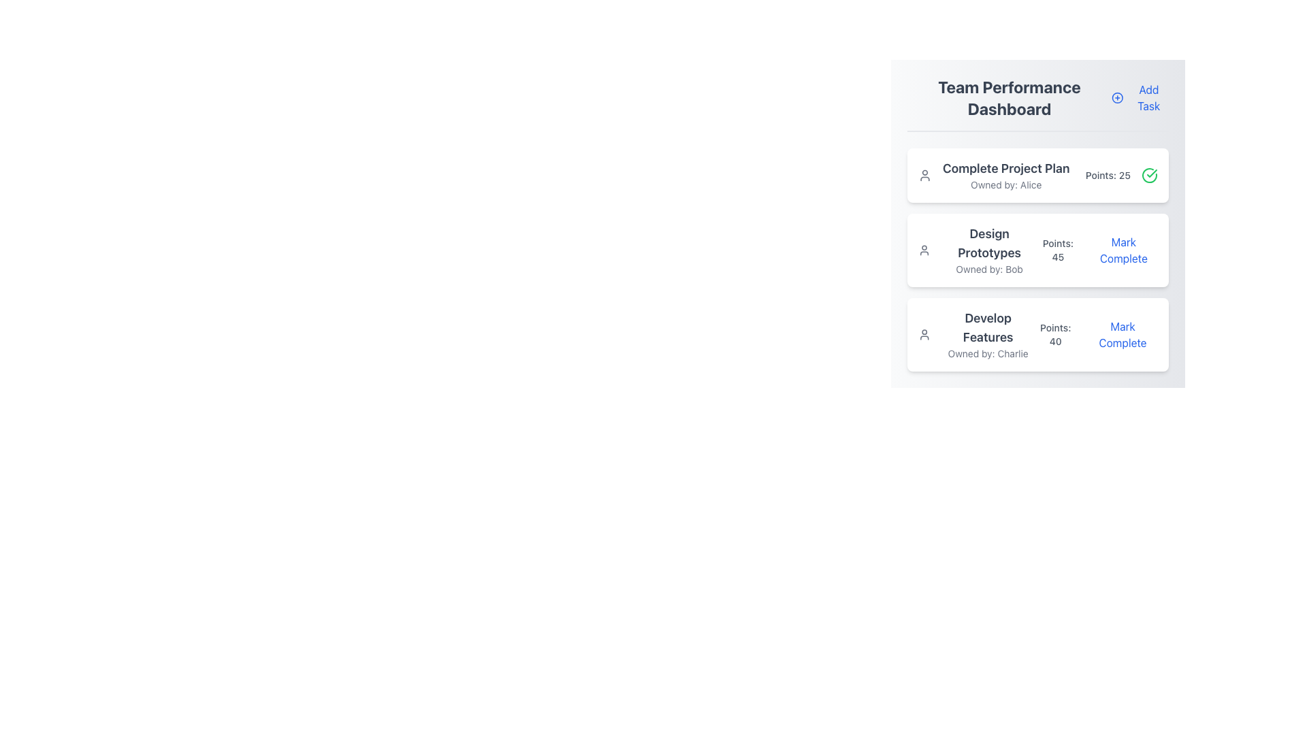  What do you see at coordinates (994, 175) in the screenshot?
I see `the primary text content element representing a task or project in the first card of the Team Performance Dashboard interface, which displays its title and owner information` at bounding box center [994, 175].